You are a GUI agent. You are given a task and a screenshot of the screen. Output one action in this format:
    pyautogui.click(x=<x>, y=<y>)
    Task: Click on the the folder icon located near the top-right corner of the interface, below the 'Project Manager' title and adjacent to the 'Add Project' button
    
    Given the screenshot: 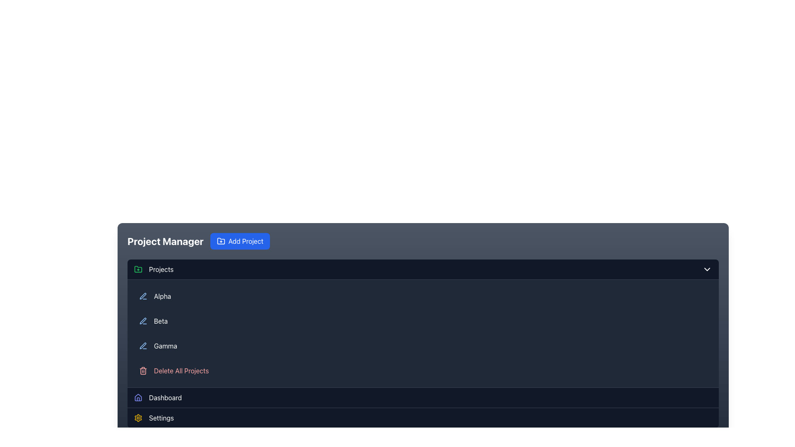 What is the action you would take?
    pyautogui.click(x=221, y=241)
    